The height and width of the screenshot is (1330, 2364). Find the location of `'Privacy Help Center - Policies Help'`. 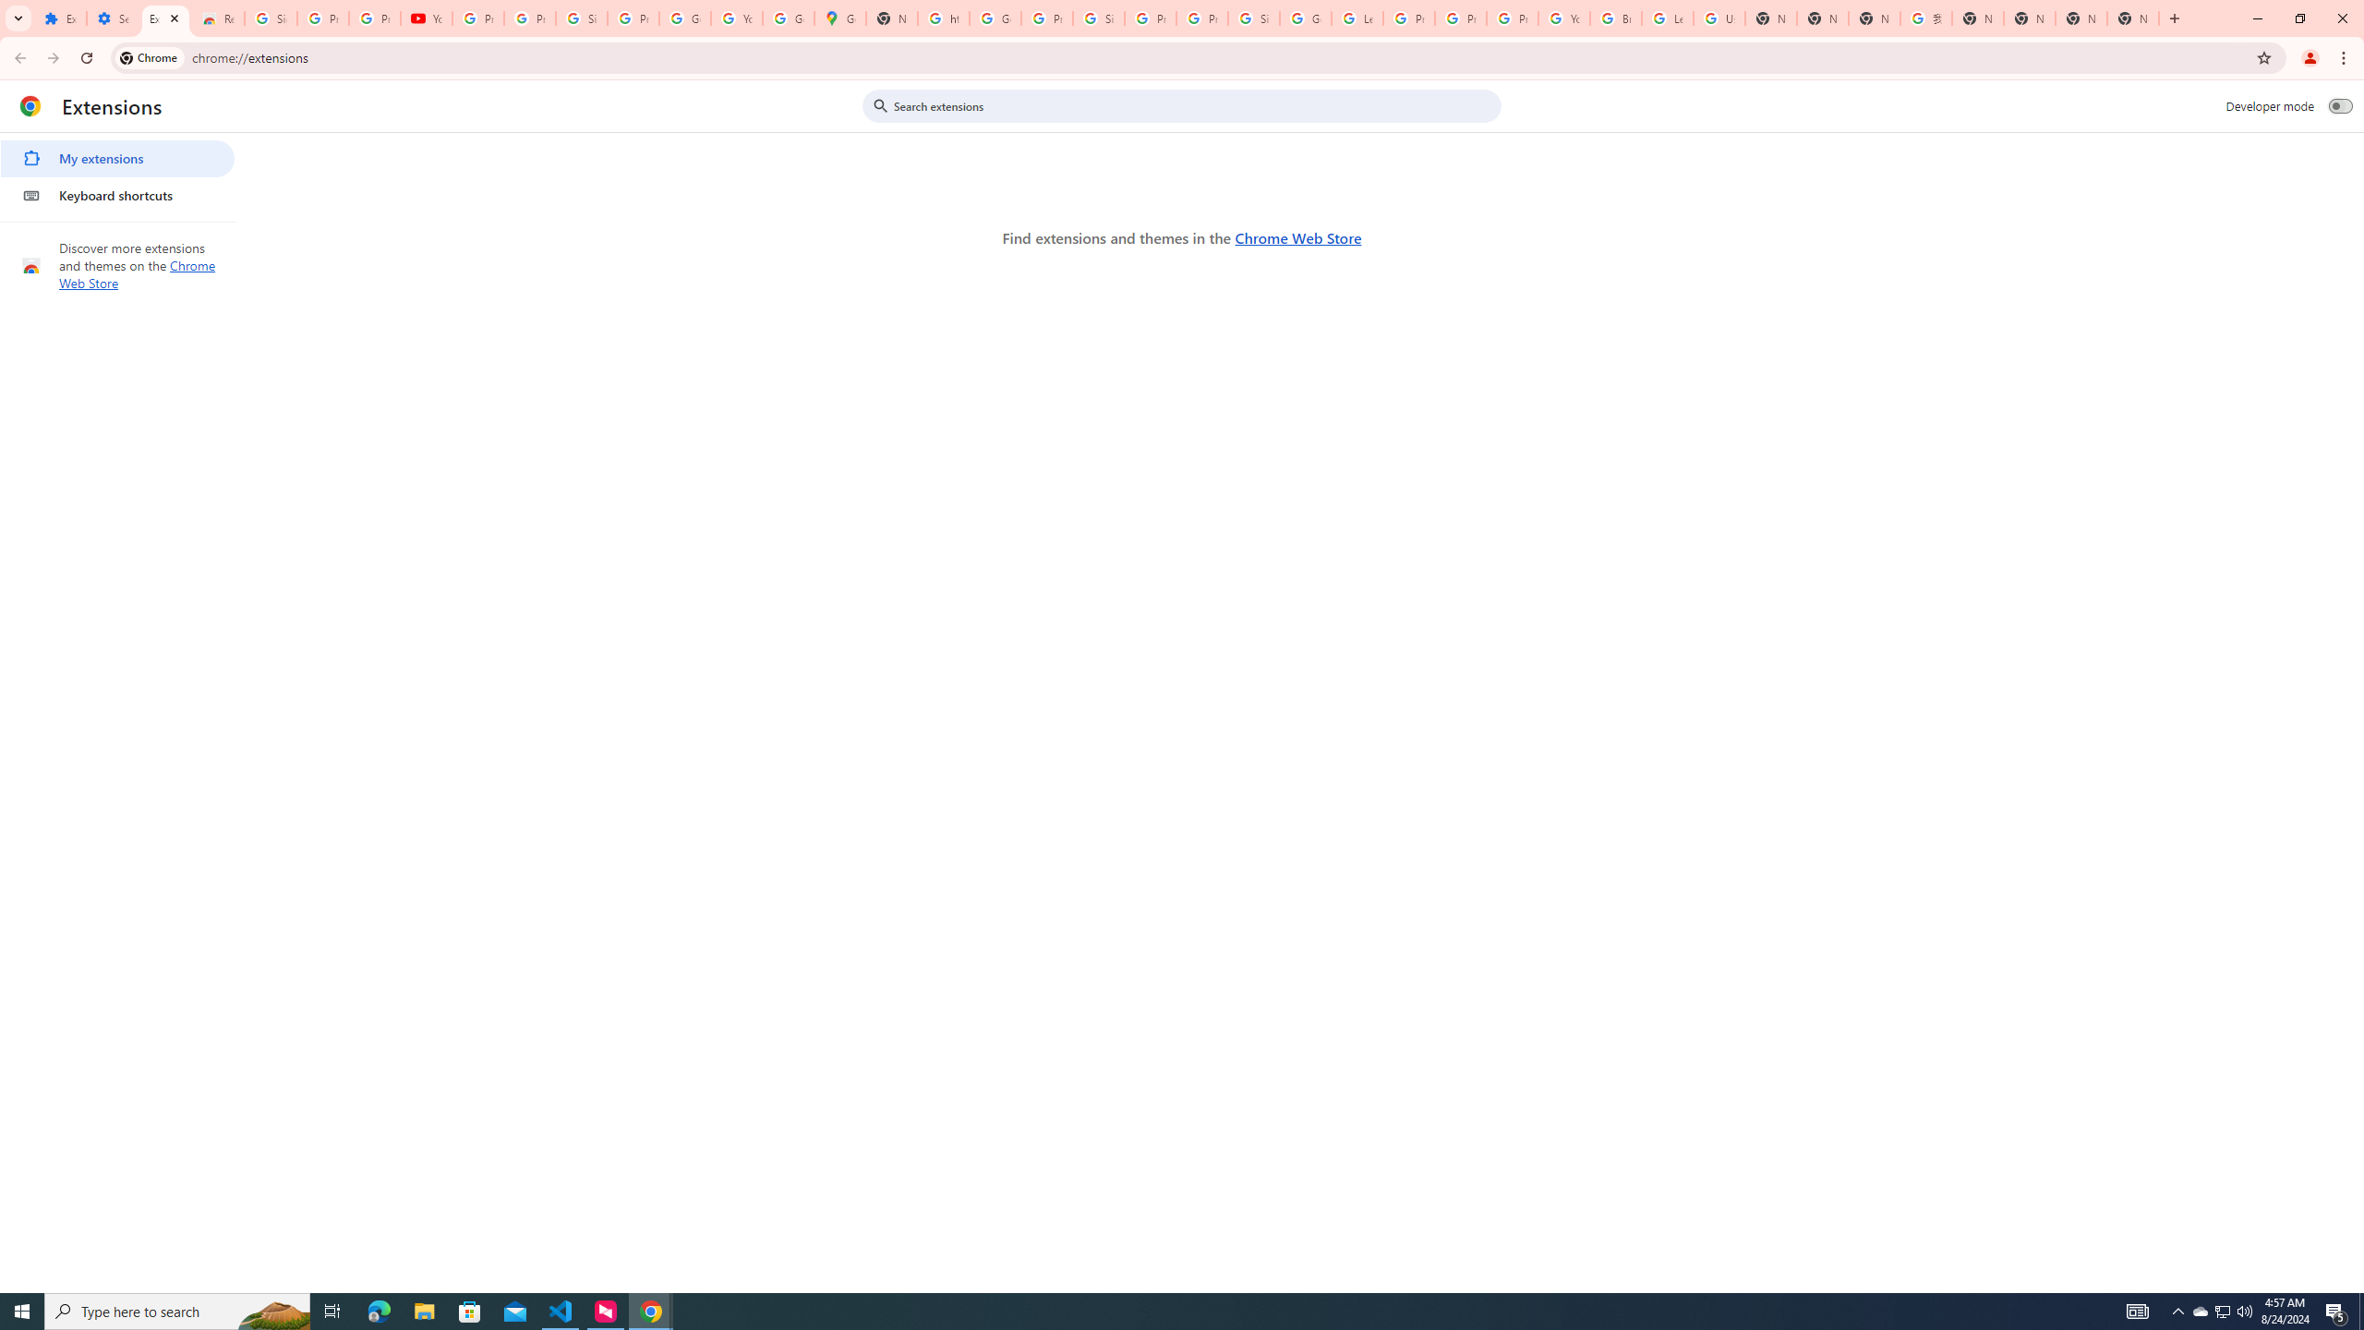

'Privacy Help Center - Policies Help' is located at coordinates (1460, 18).